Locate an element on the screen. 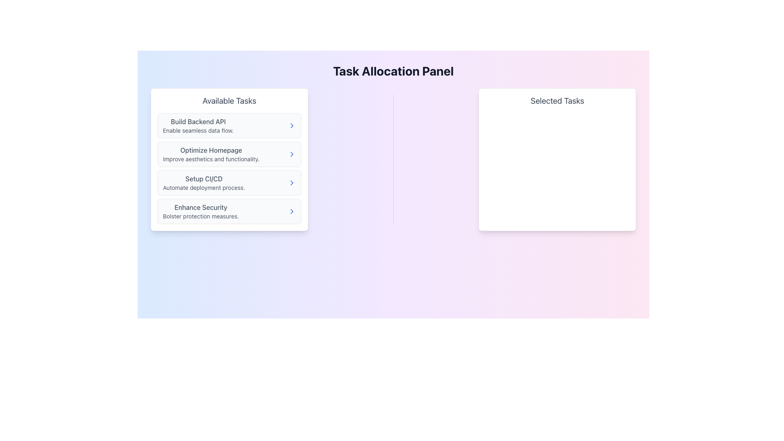  the text element labeled 'Setup CI/CD' in the 'Available Tasks' section is located at coordinates (204, 182).